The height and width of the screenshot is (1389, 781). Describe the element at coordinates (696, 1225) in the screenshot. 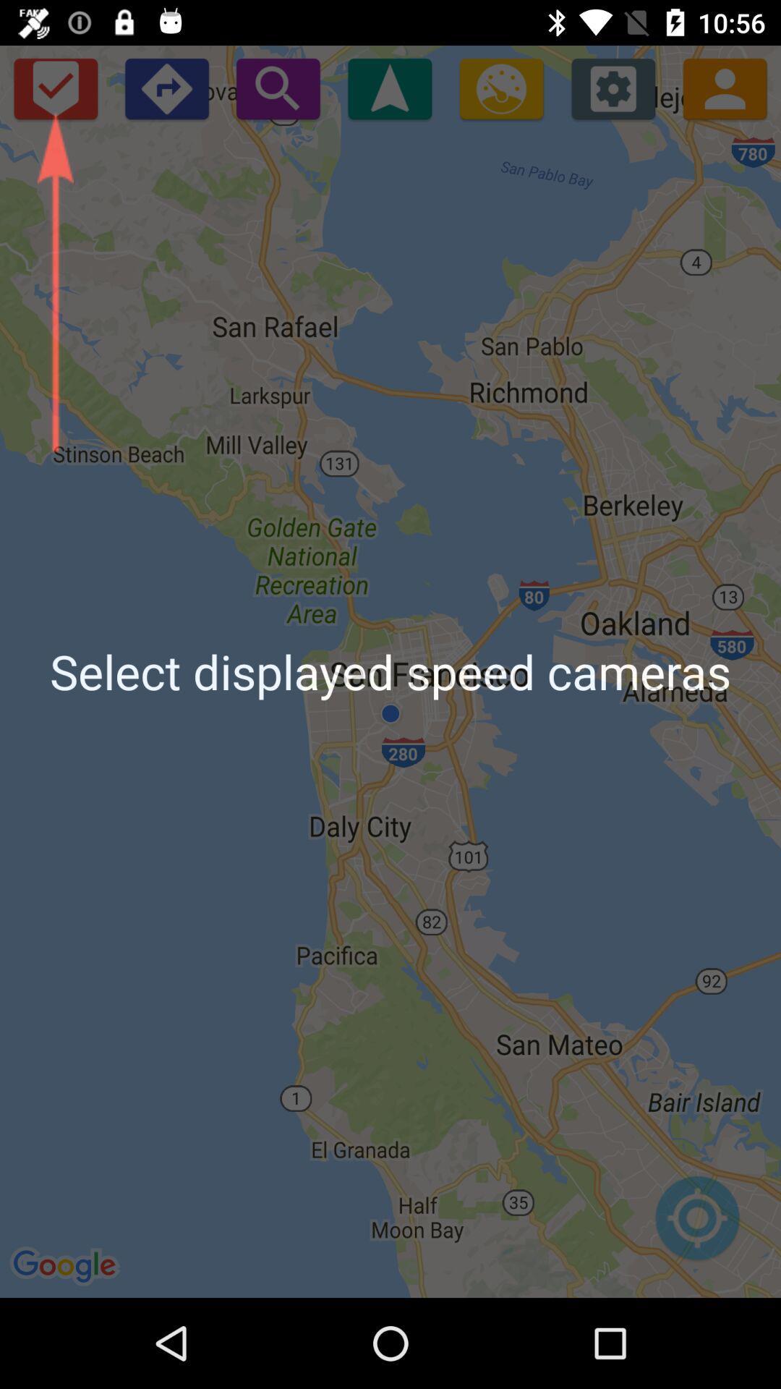

I see `button to navigate center` at that location.